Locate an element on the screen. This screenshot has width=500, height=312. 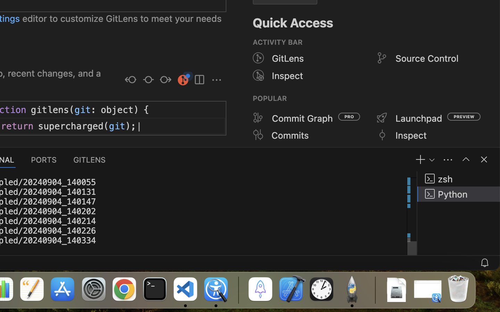
'object' is located at coordinates (117, 109).